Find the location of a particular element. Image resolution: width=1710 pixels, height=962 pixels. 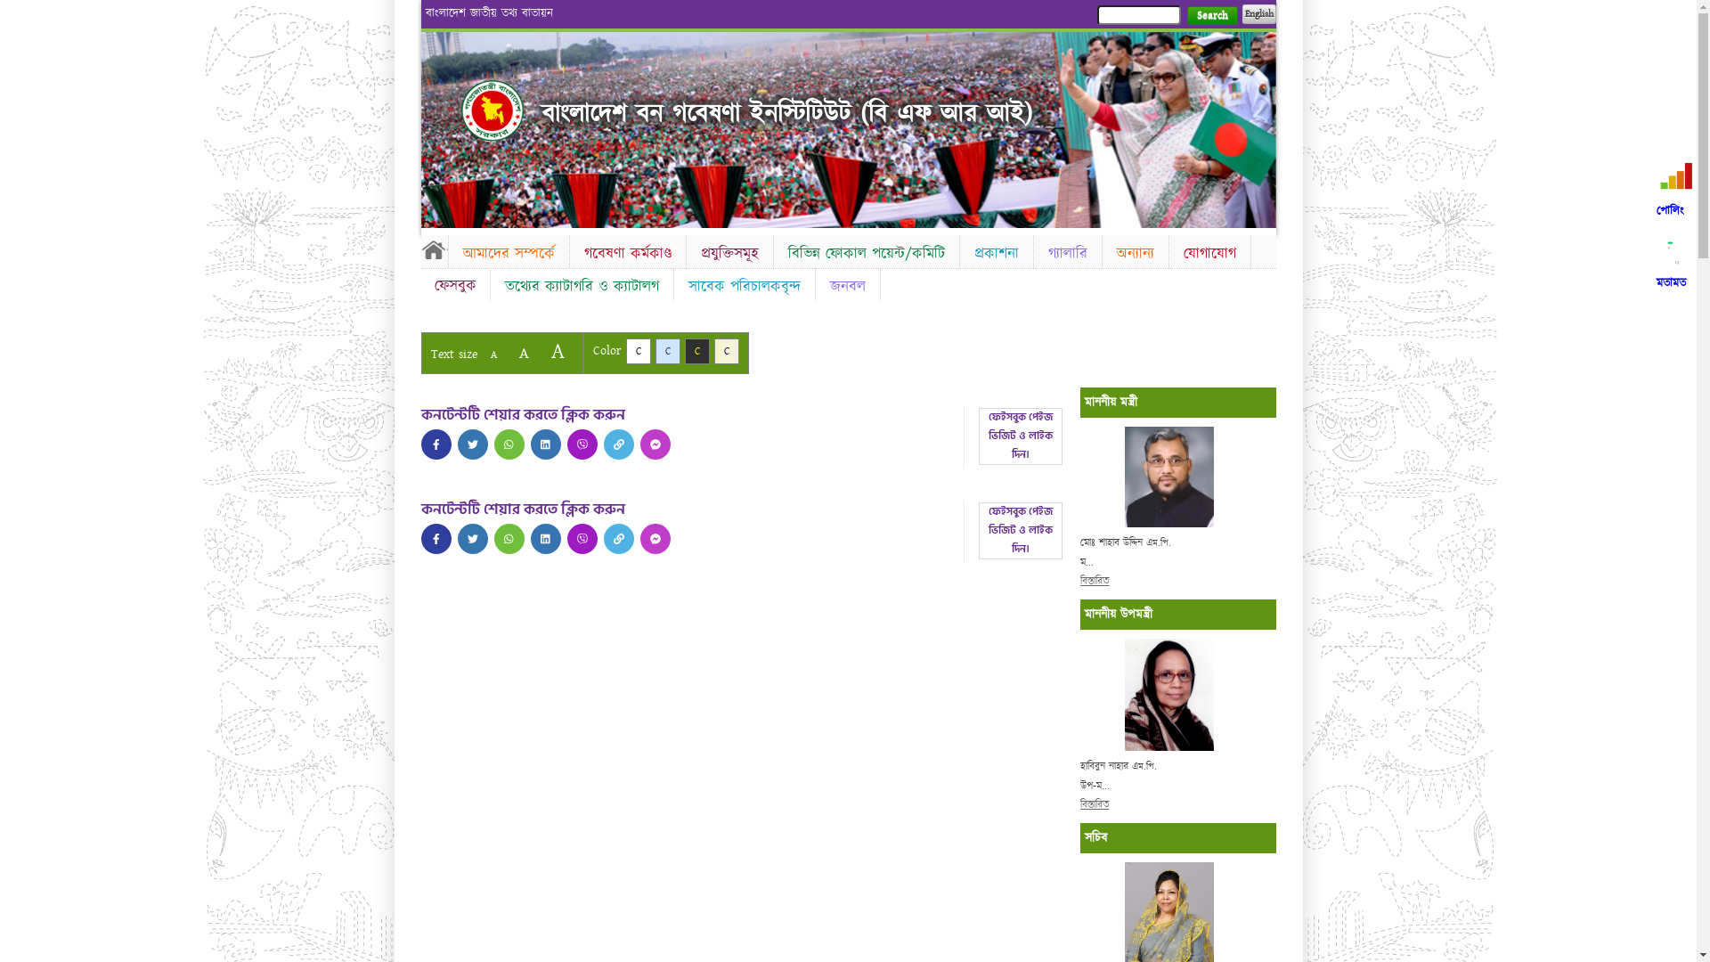

'Home' is located at coordinates (433, 249).